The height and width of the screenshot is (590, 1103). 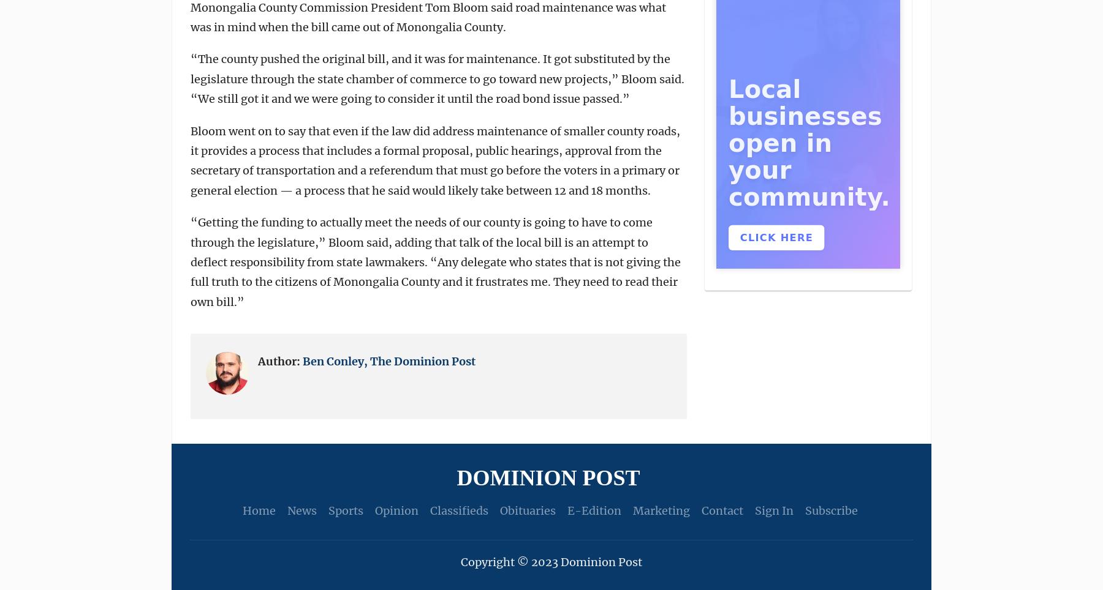 I want to click on 'Opinion', so click(x=374, y=510).